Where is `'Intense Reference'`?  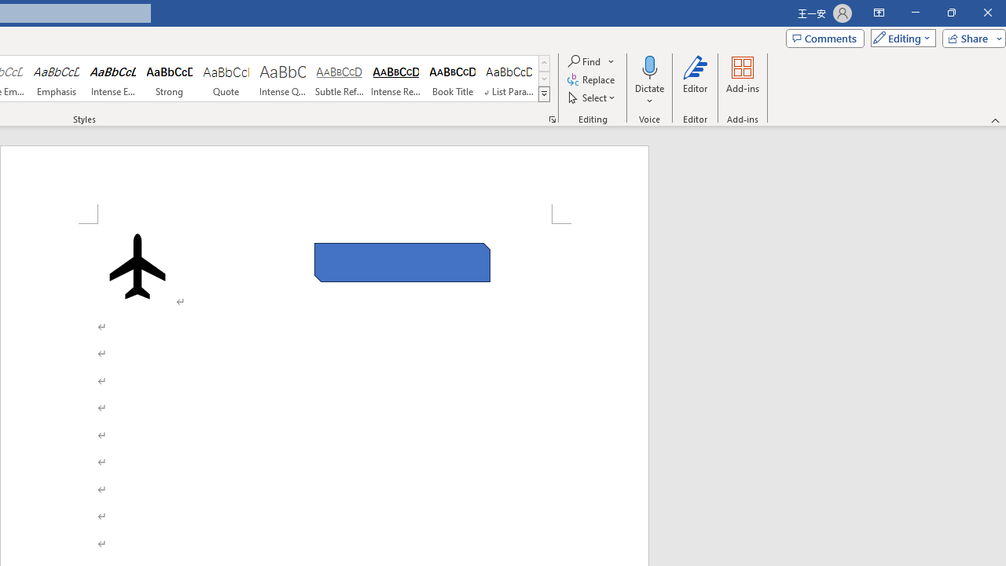
'Intense Reference' is located at coordinates (396, 79).